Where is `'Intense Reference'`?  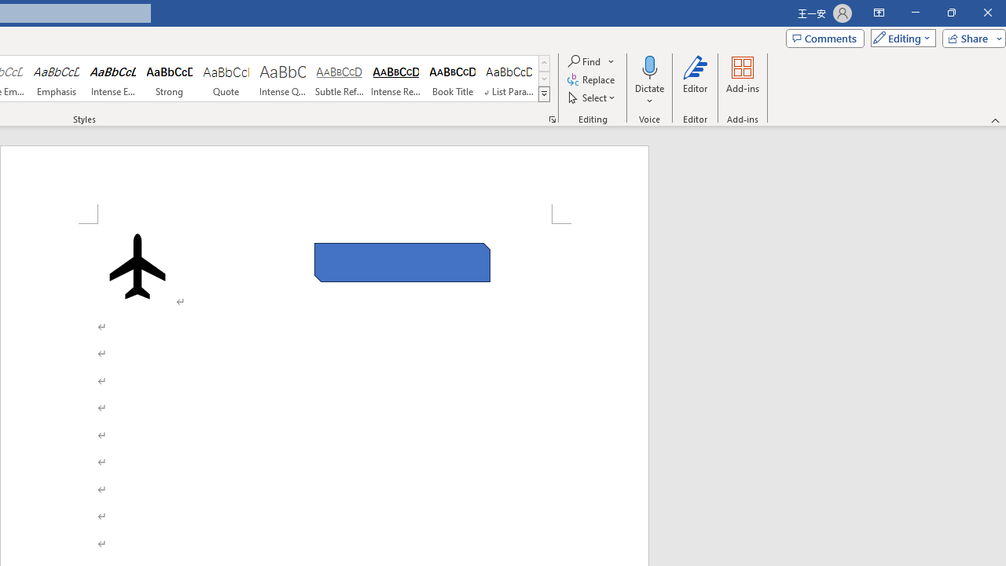
'Intense Reference' is located at coordinates (396, 79).